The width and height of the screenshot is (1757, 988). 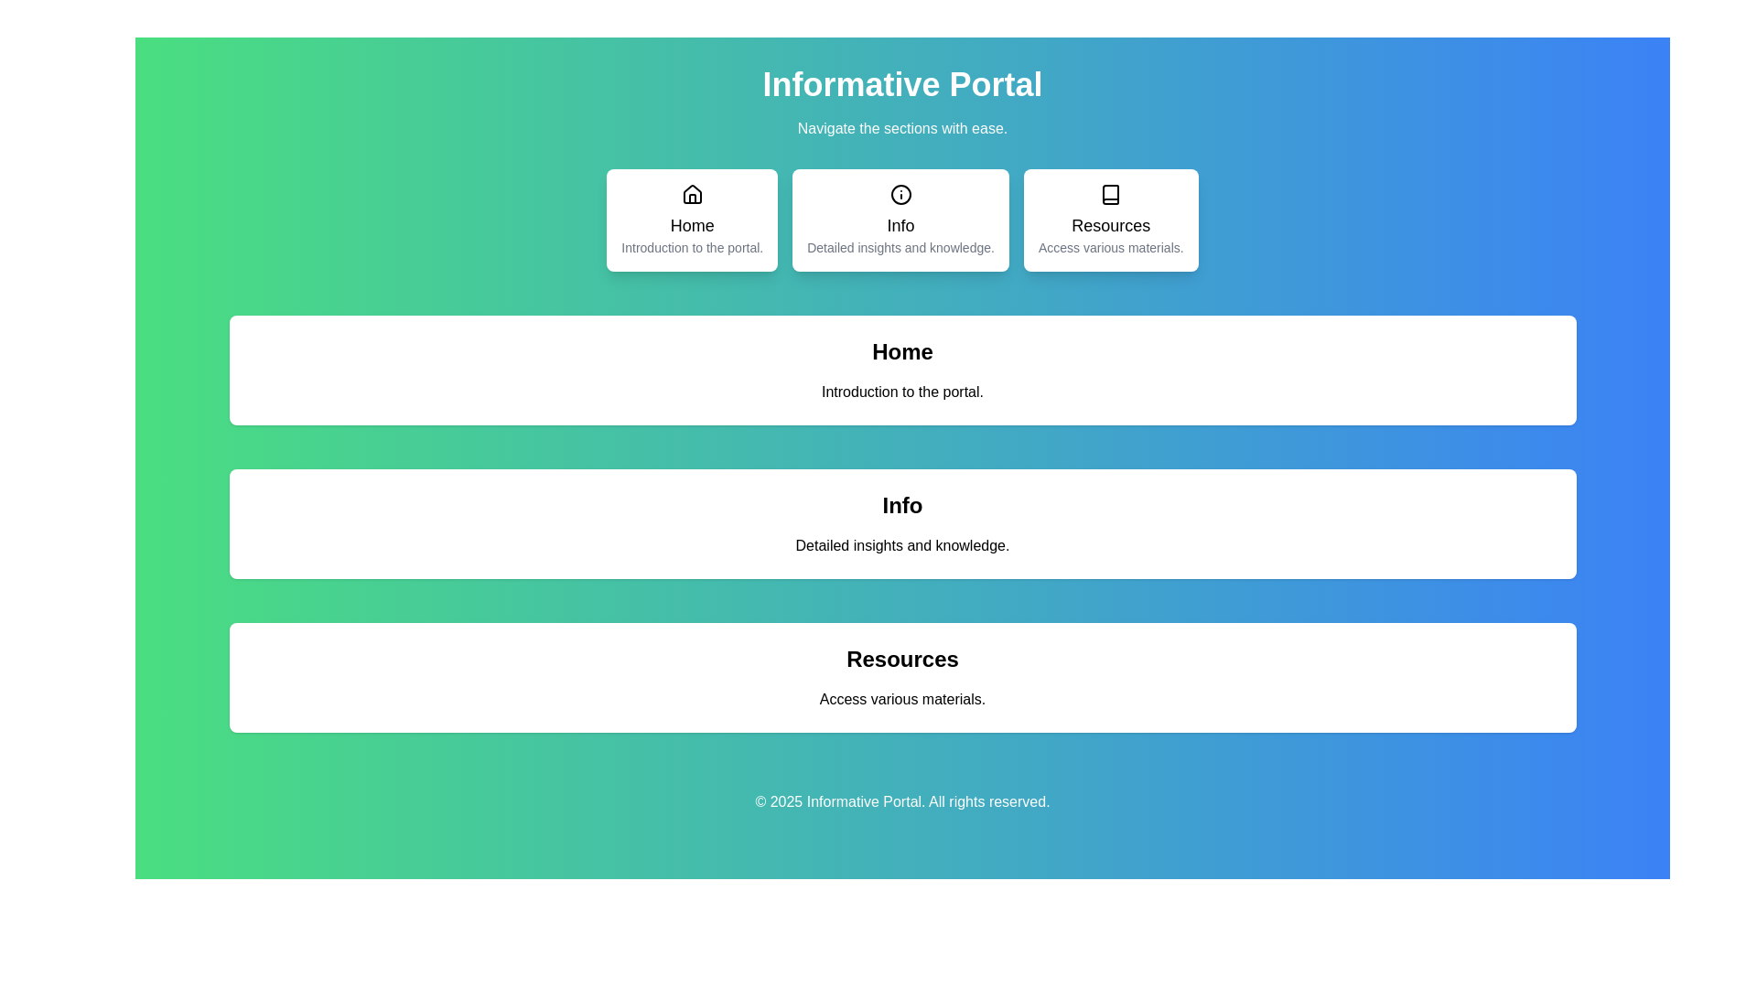 I want to click on the text element that contains 'Introduction to the portal.' which is located beneath the 'Home' title and house icon in the top-center card layout, so click(x=691, y=247).